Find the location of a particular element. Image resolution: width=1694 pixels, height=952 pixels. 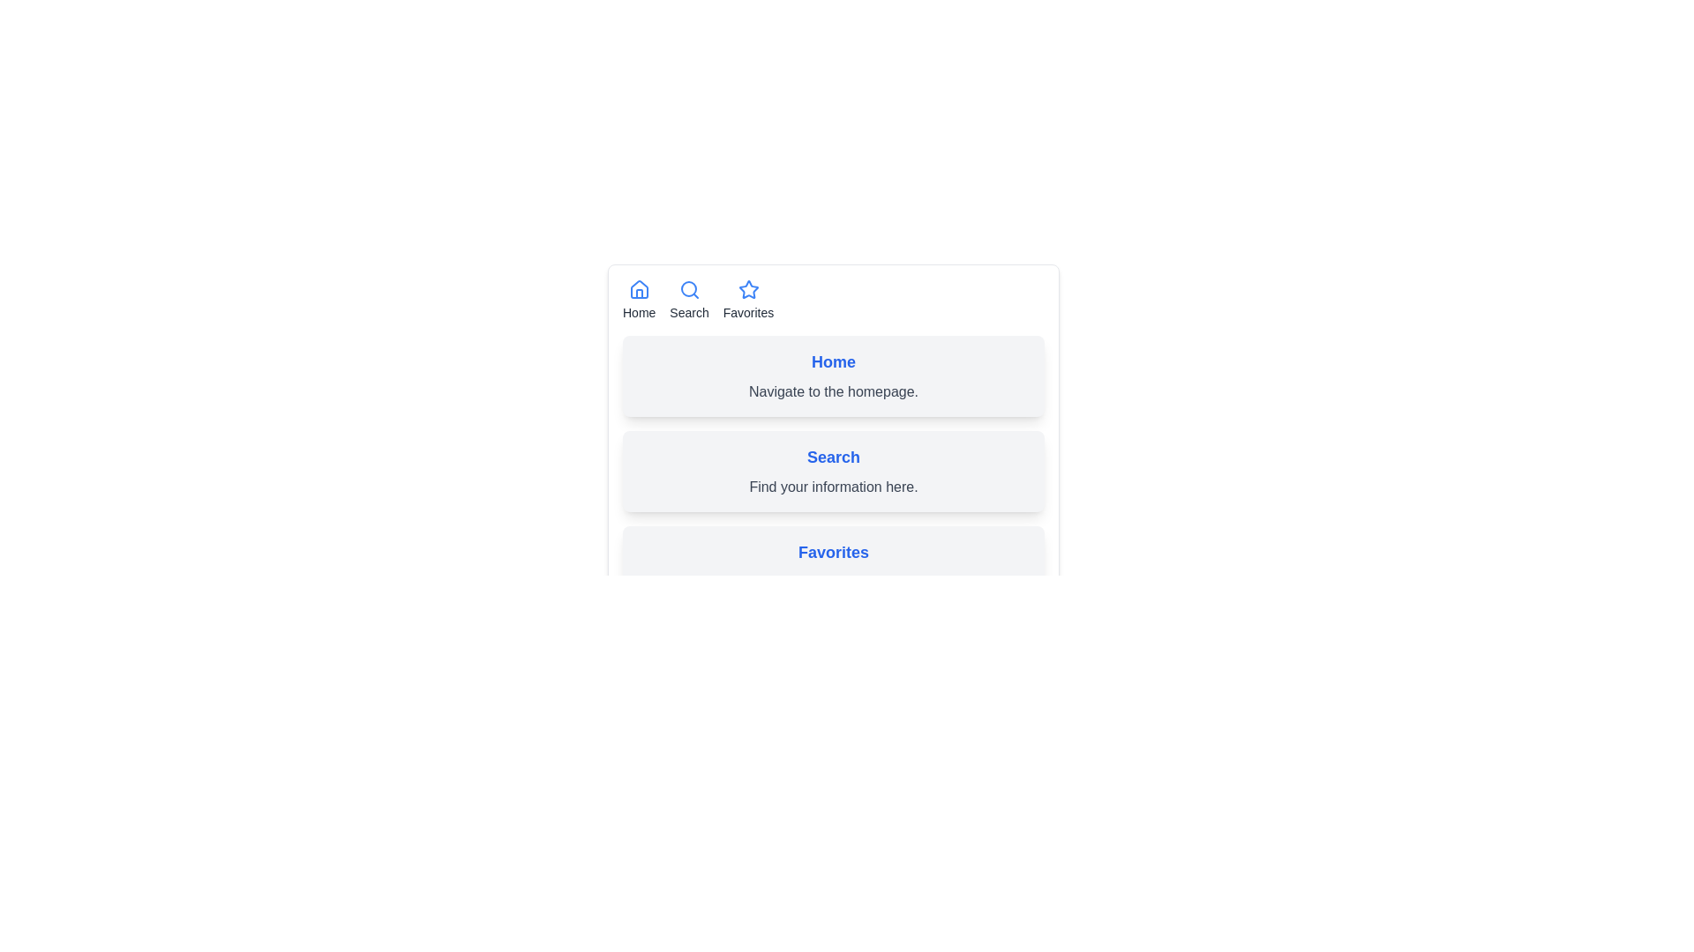

the star-shaped icon with a blue outline is located at coordinates (748, 288).